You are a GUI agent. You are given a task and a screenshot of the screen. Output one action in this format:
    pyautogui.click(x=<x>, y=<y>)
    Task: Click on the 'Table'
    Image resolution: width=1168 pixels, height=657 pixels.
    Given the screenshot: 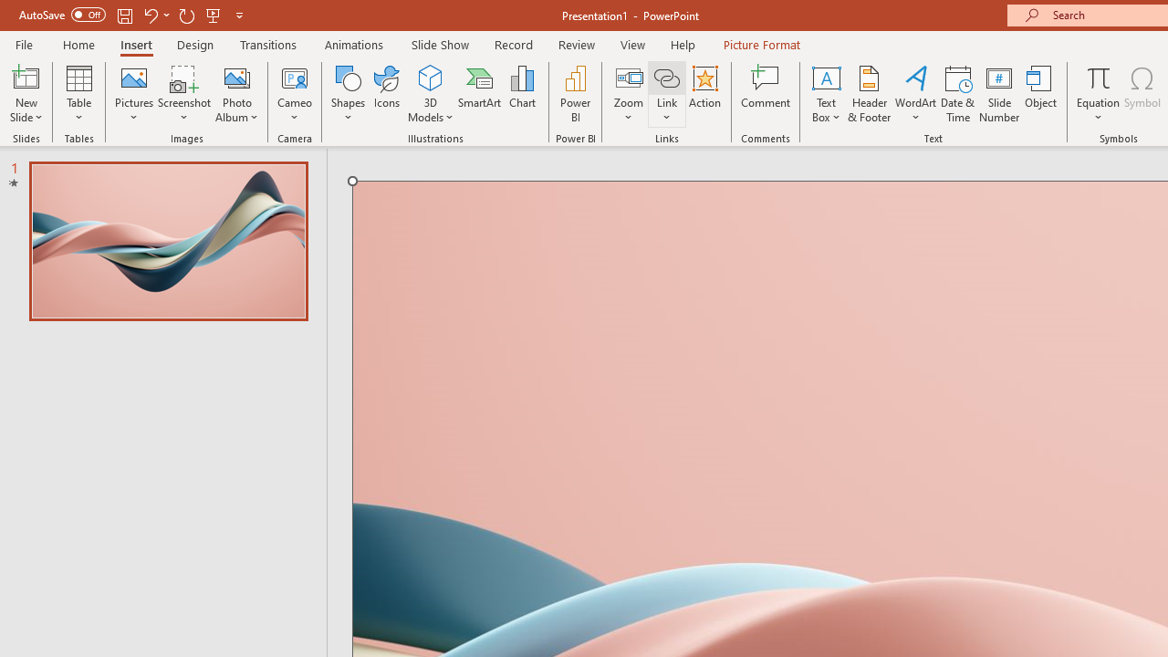 What is the action you would take?
    pyautogui.click(x=78, y=94)
    